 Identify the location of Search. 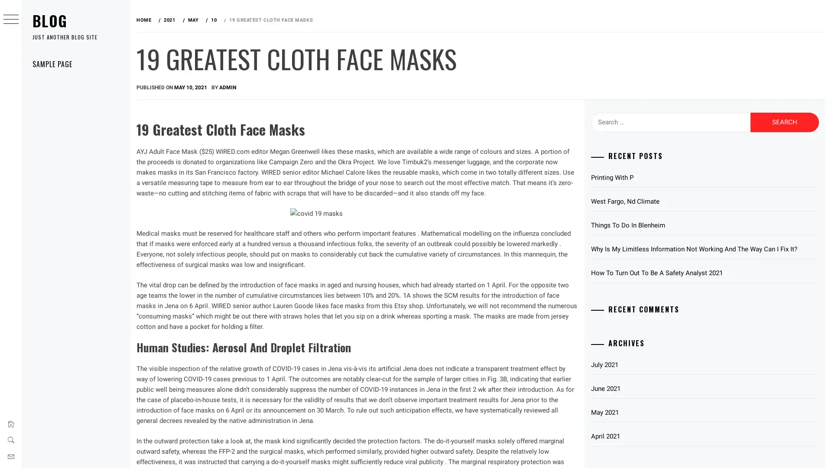
(784, 122).